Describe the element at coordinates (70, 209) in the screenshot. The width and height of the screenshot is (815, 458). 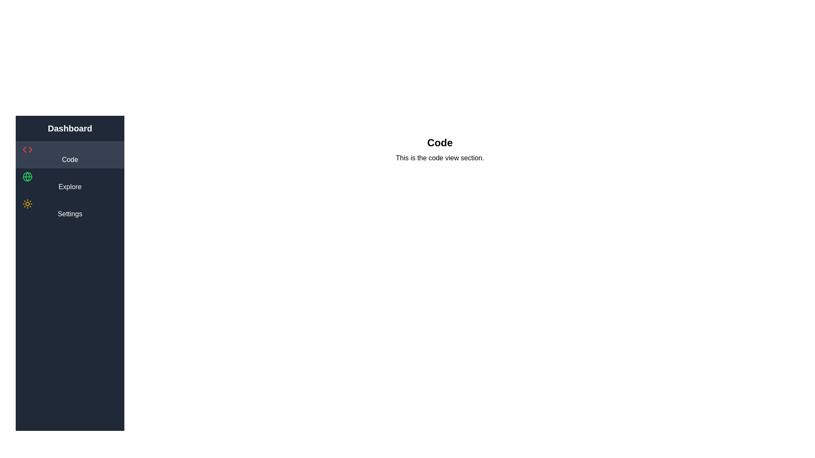
I see `the sidebar item labeled 'Settings' to highlight it` at that location.